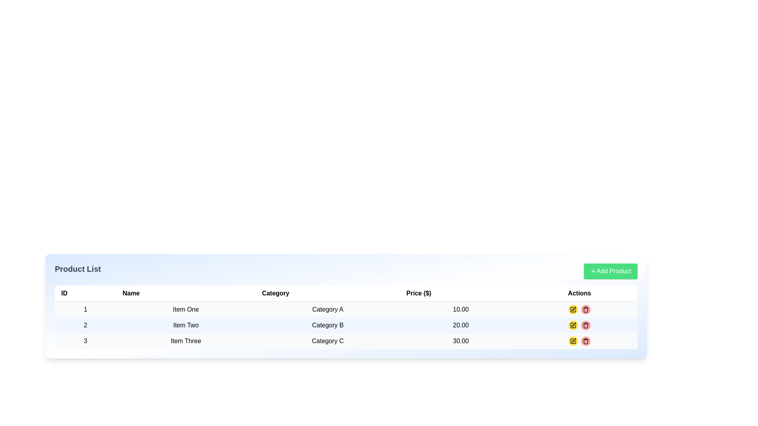  What do you see at coordinates (185, 309) in the screenshot?
I see `the Table Cell in the first row under the 'Name' column, which is located between the '1' (ID) cell and the 'Category A' cell` at bounding box center [185, 309].